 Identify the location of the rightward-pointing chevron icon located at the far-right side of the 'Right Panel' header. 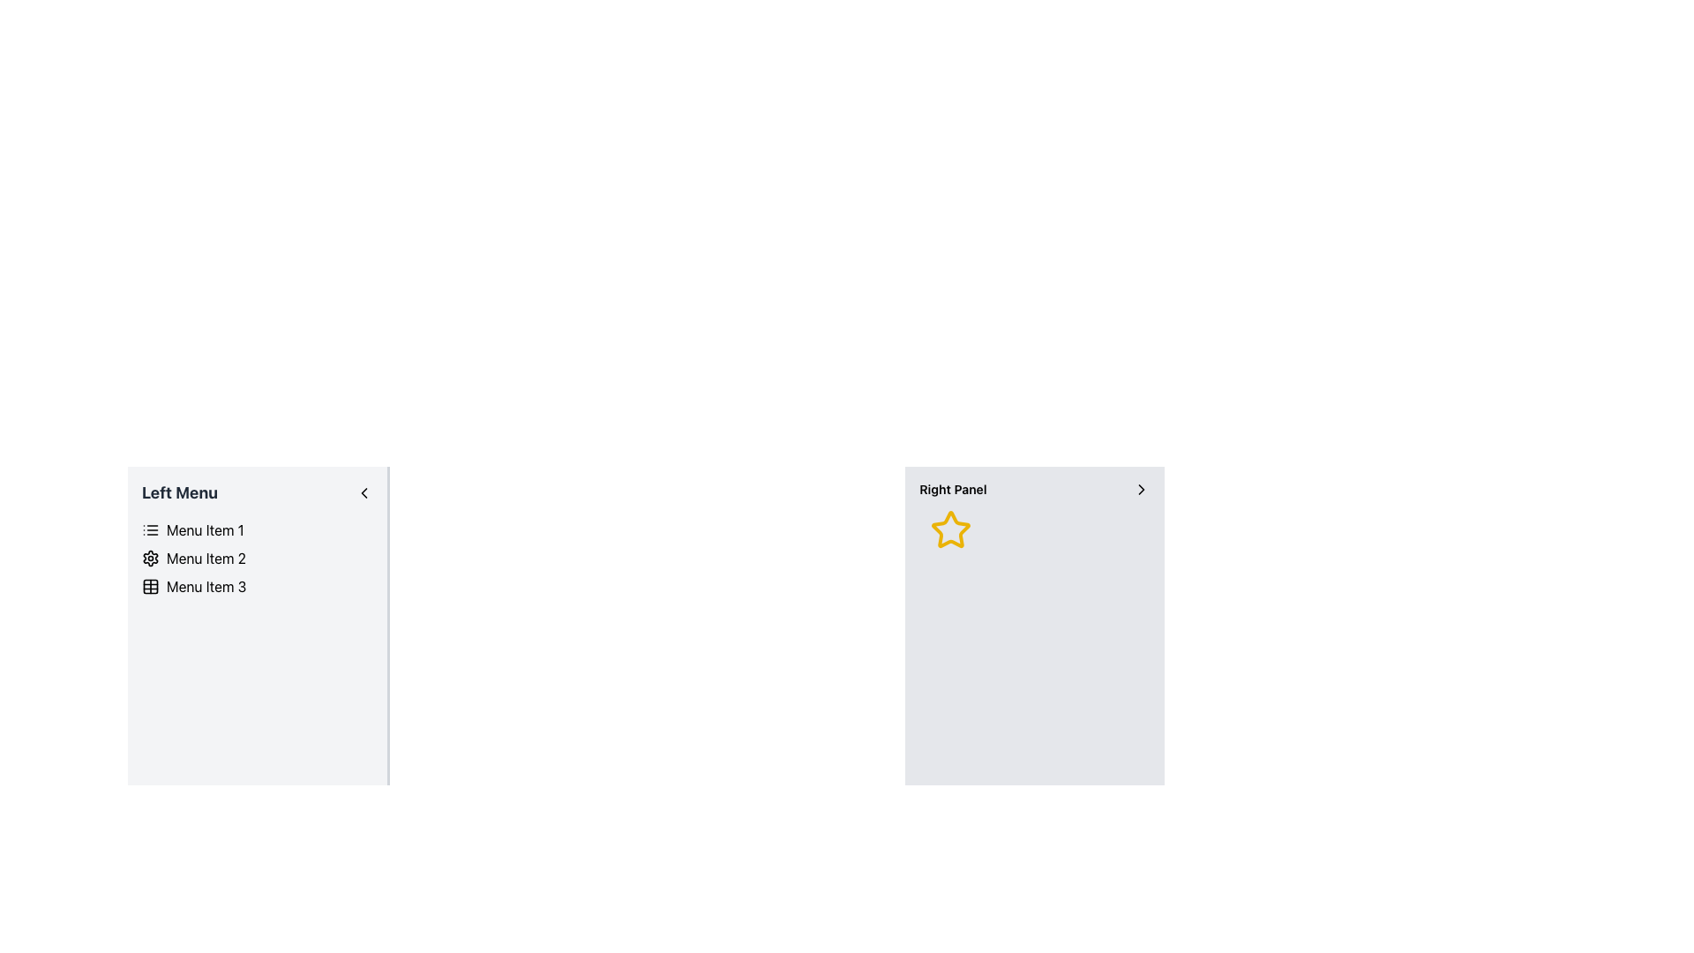
(1142, 490).